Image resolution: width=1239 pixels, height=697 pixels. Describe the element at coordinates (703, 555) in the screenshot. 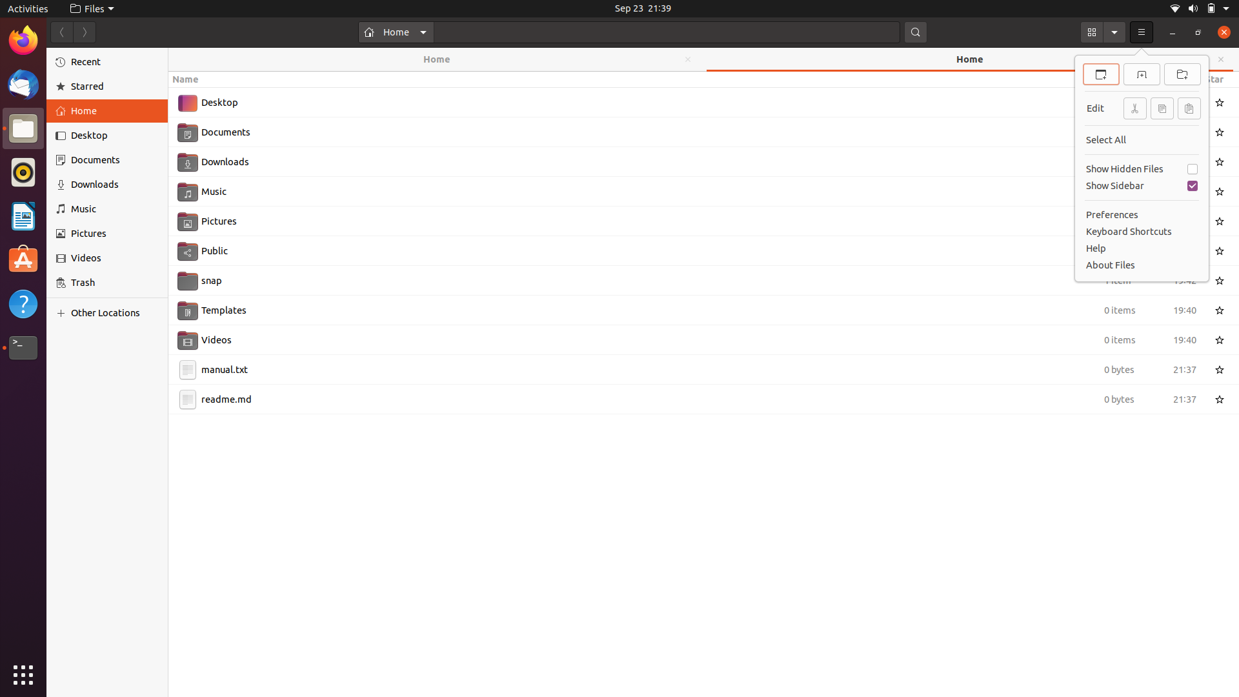

I see `Genereate a new folder using the mouse right-click function and keyboard navigation` at that location.